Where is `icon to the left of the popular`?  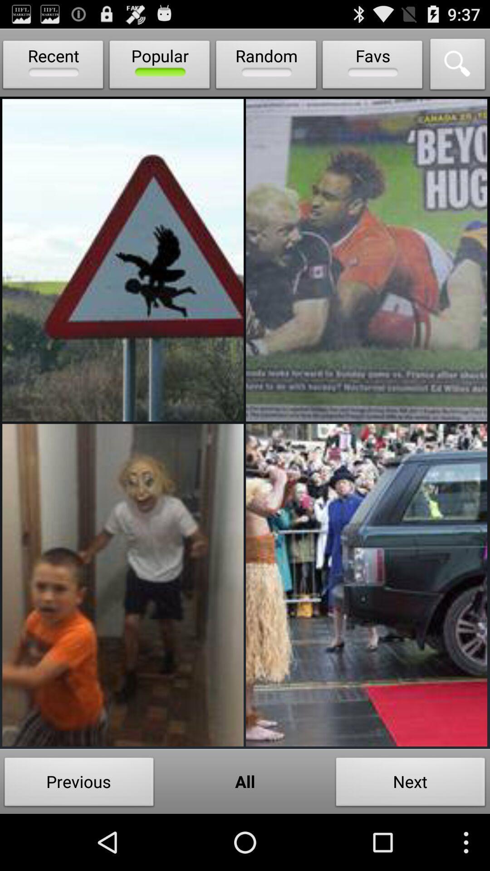 icon to the left of the popular is located at coordinates (53, 66).